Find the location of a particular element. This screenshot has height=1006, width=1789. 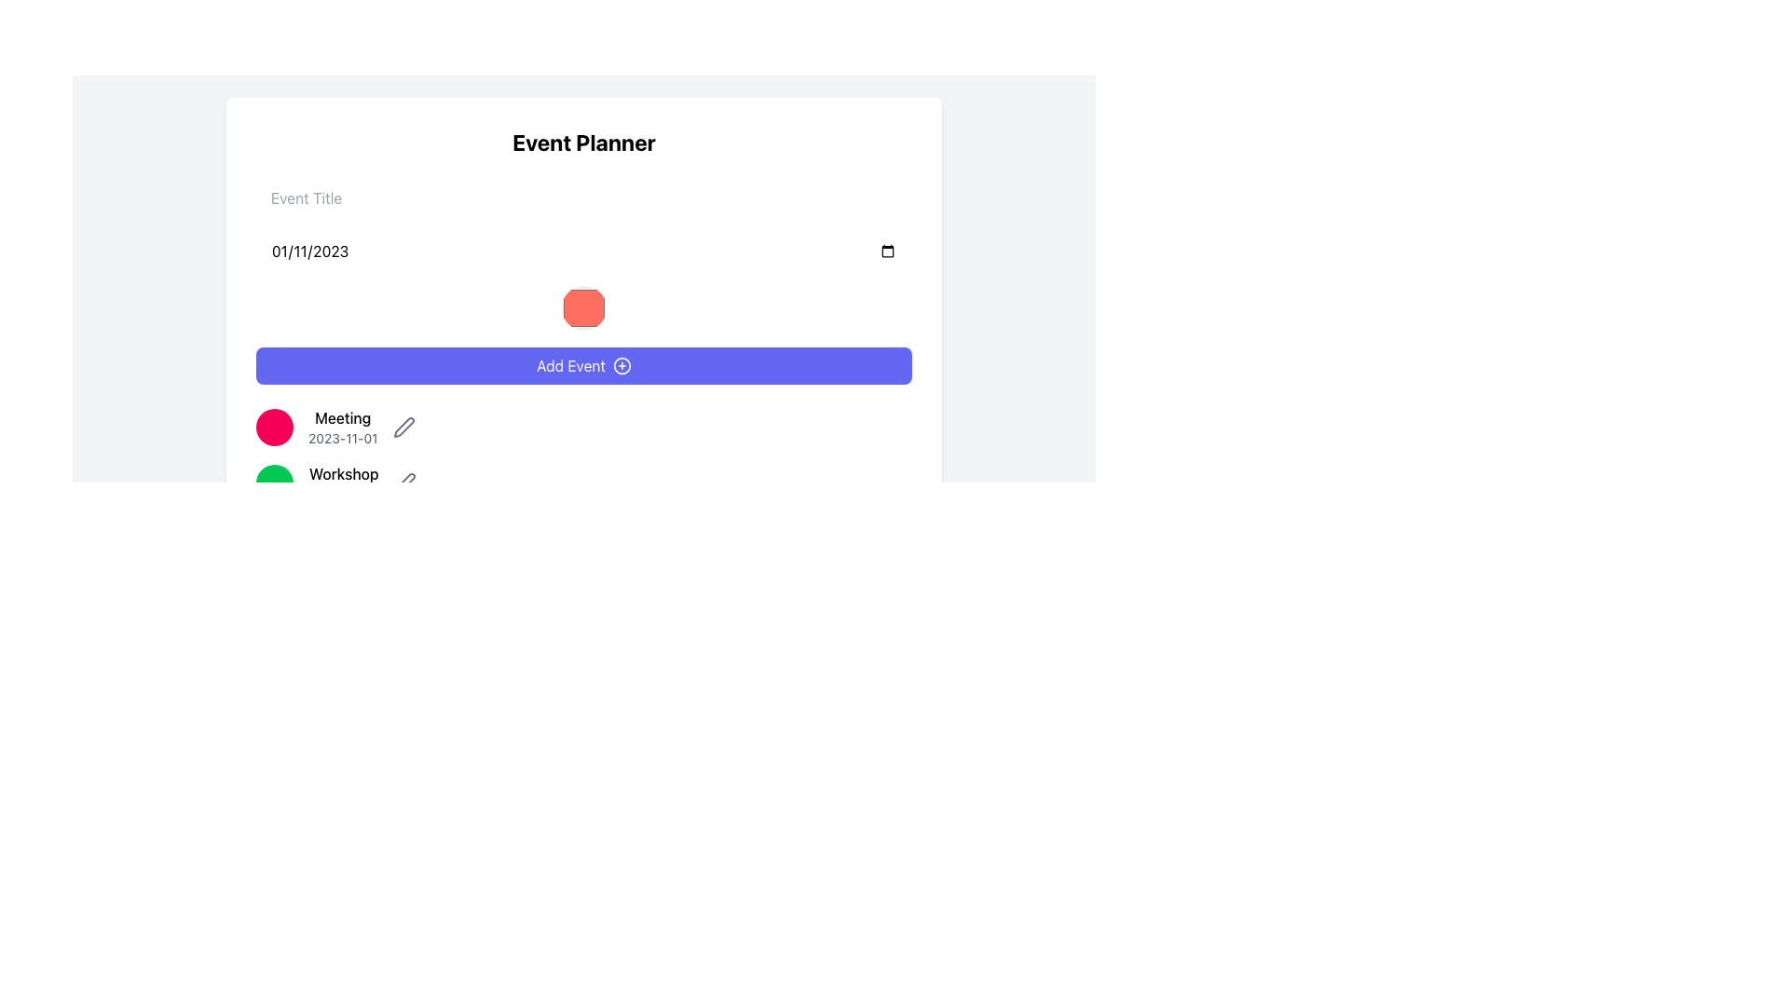

the Color Picker element in the Event Planner interface is located at coordinates (583, 282).